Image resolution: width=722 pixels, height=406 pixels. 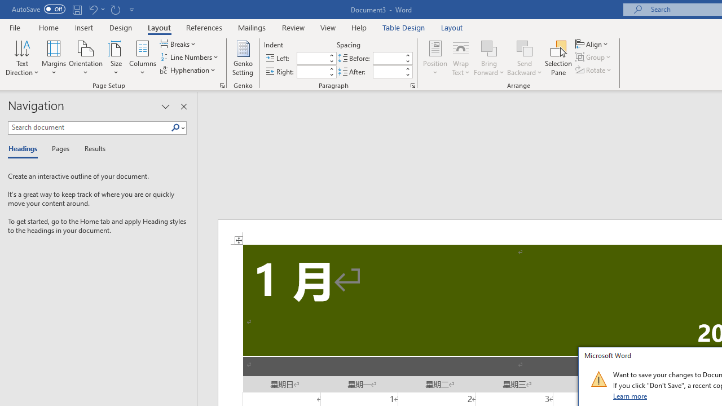 I want to click on 'Size', so click(x=116, y=58).